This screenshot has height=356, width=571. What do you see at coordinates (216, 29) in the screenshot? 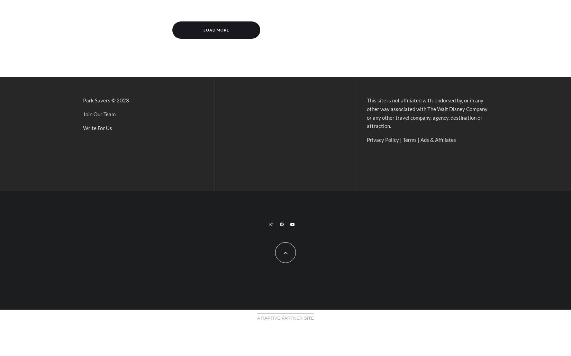
I see `'Load More'` at bounding box center [216, 29].